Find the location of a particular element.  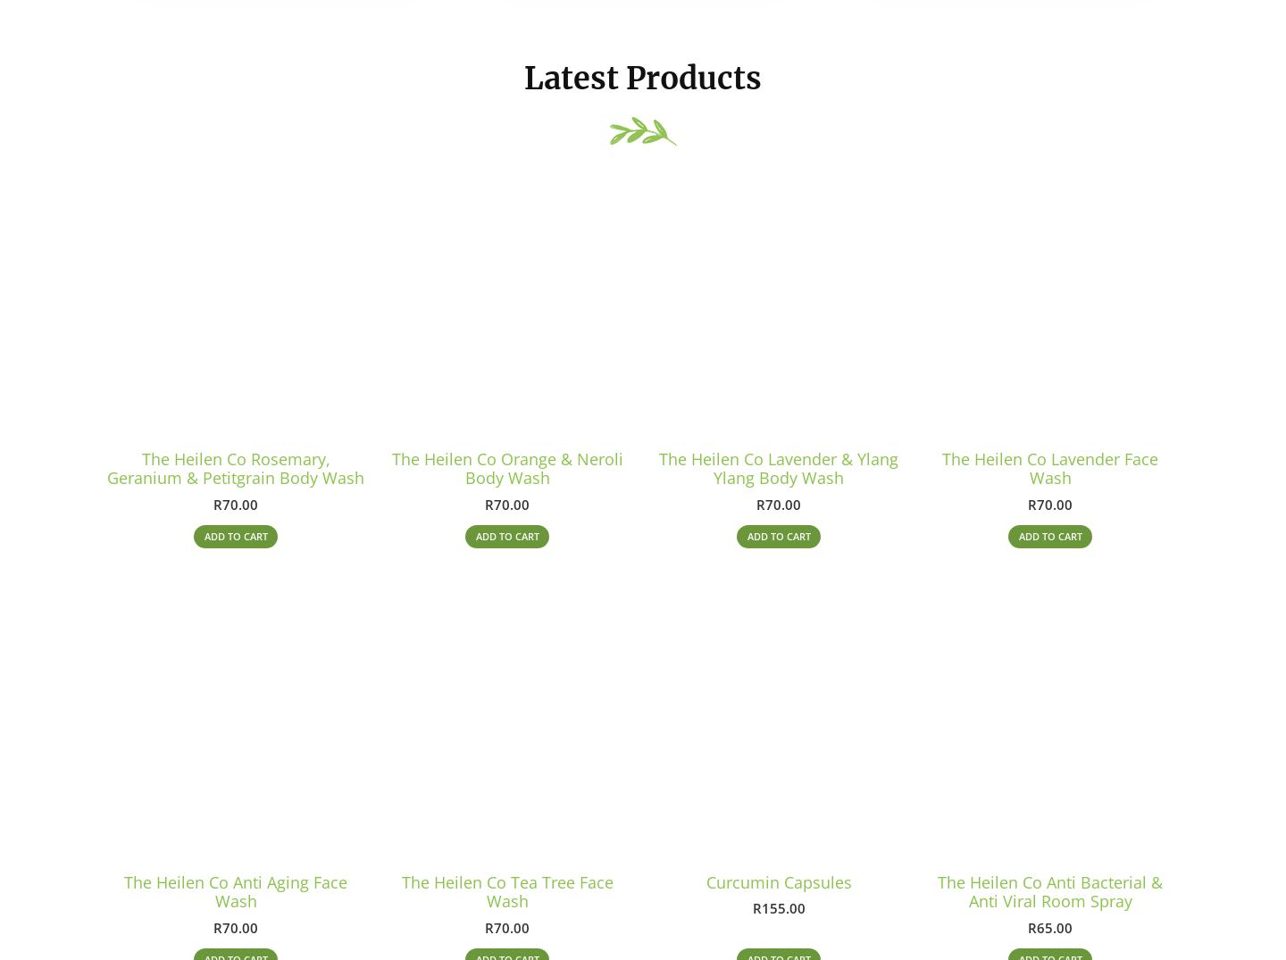

'The Heilen Co Tea Tree Face Wash' is located at coordinates (506, 899).